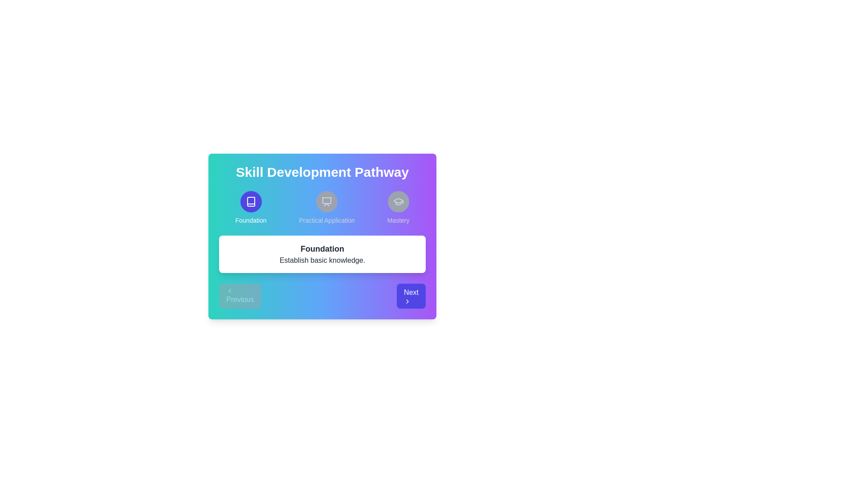 Image resolution: width=855 pixels, height=481 pixels. What do you see at coordinates (250, 208) in the screenshot?
I see `the element representing Foundation` at bounding box center [250, 208].